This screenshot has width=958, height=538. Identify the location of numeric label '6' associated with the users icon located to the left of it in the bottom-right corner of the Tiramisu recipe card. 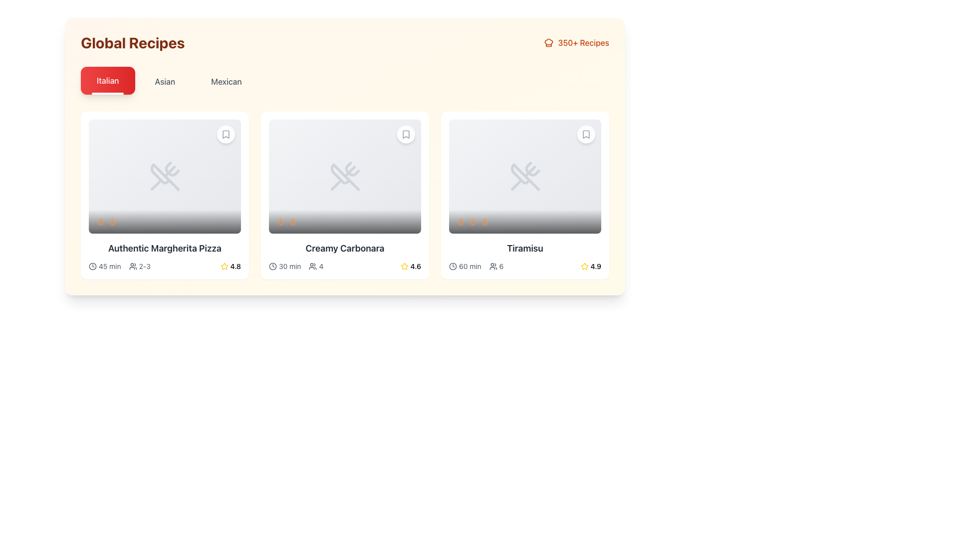
(493, 266).